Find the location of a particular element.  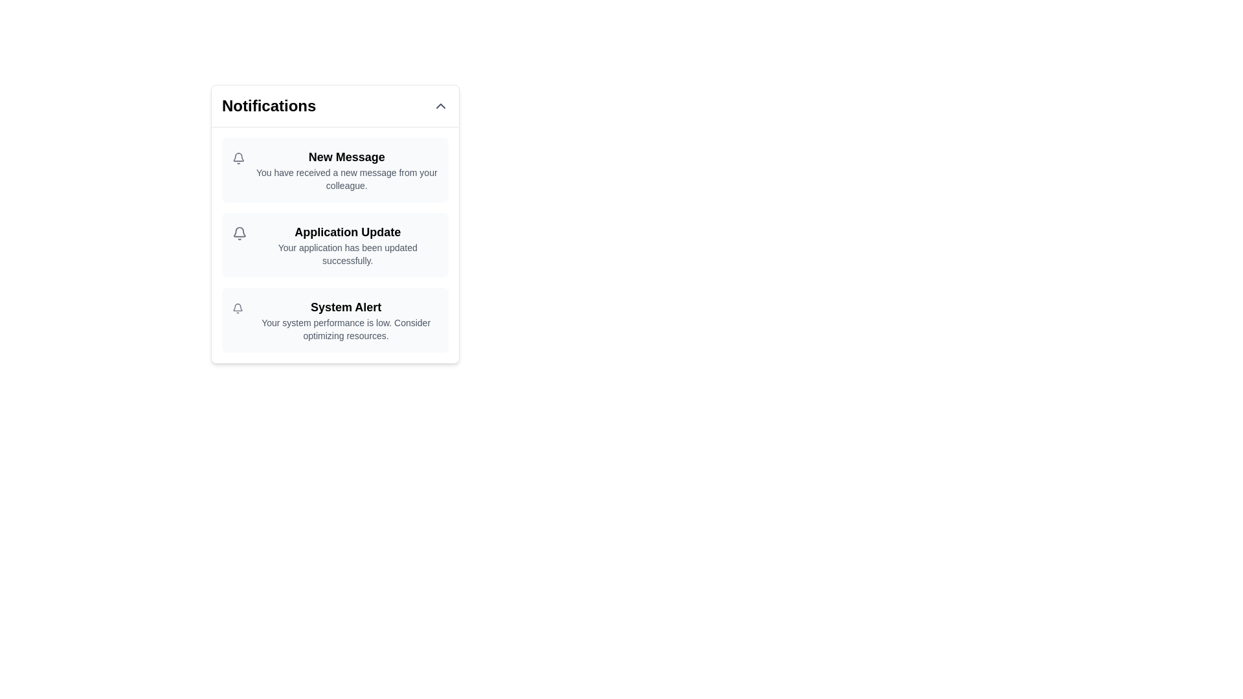

the arrow icon button located at the top-right of the 'Notifications' panel is located at coordinates (441, 105).